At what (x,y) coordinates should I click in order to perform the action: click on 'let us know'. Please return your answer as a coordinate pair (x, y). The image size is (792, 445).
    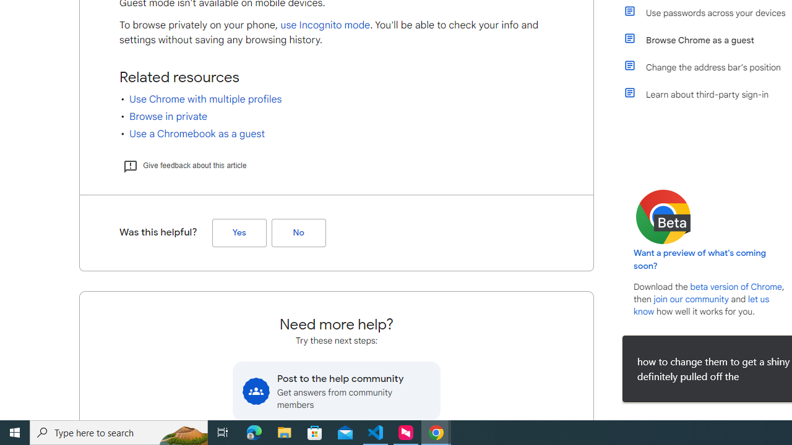
    Looking at the image, I should click on (702, 305).